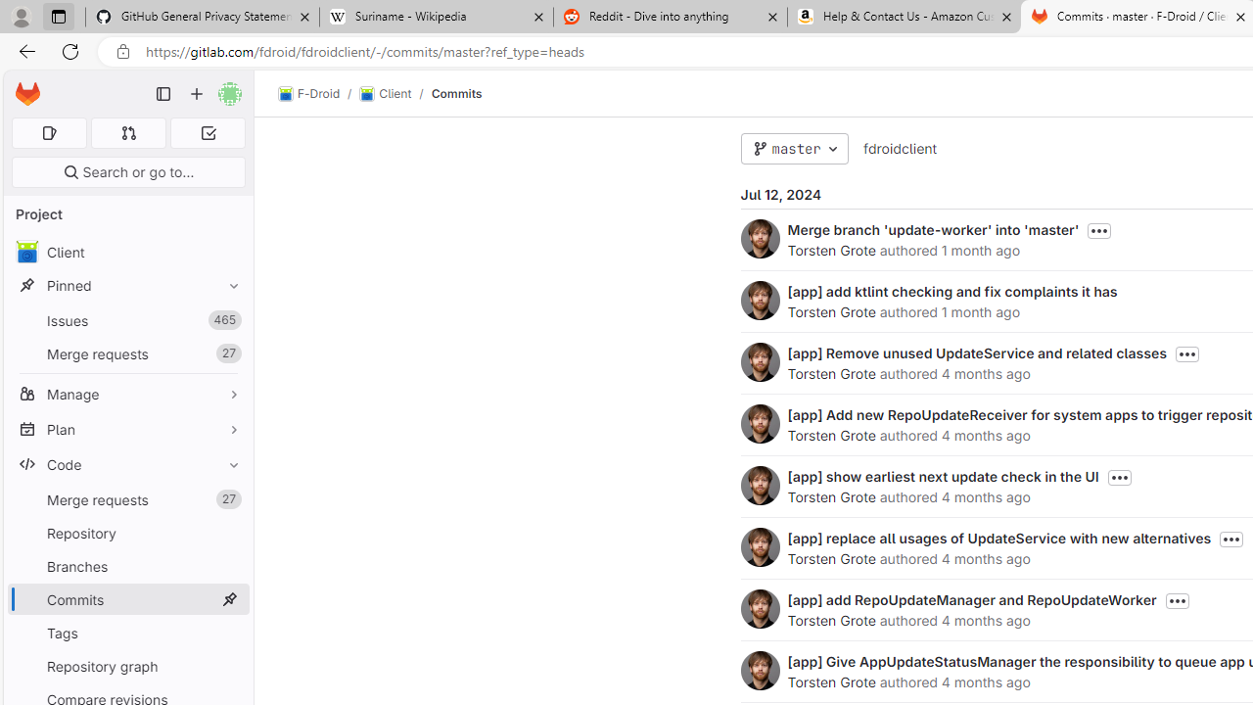 The width and height of the screenshot is (1253, 705). What do you see at coordinates (831, 681) in the screenshot?
I see `'Torsten Grote'` at bounding box center [831, 681].